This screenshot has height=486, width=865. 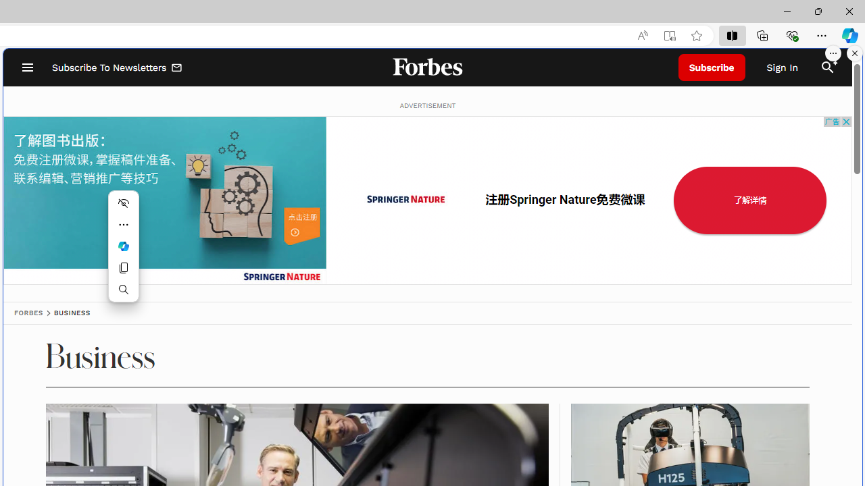 What do you see at coordinates (833, 53) in the screenshot?
I see `'More options.'` at bounding box center [833, 53].